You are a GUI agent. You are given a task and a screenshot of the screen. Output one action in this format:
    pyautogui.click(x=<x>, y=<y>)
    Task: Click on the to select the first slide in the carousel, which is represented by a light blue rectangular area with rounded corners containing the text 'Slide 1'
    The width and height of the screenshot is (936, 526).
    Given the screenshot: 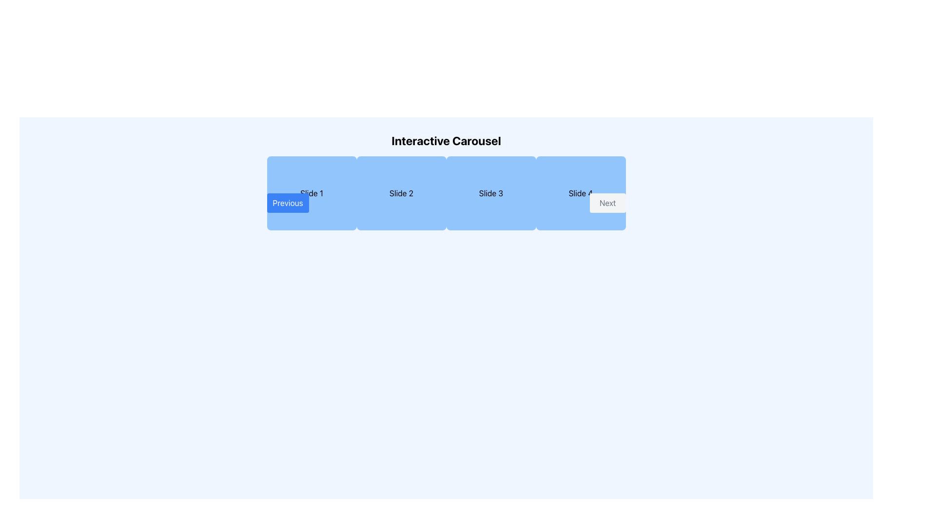 What is the action you would take?
    pyautogui.click(x=311, y=193)
    